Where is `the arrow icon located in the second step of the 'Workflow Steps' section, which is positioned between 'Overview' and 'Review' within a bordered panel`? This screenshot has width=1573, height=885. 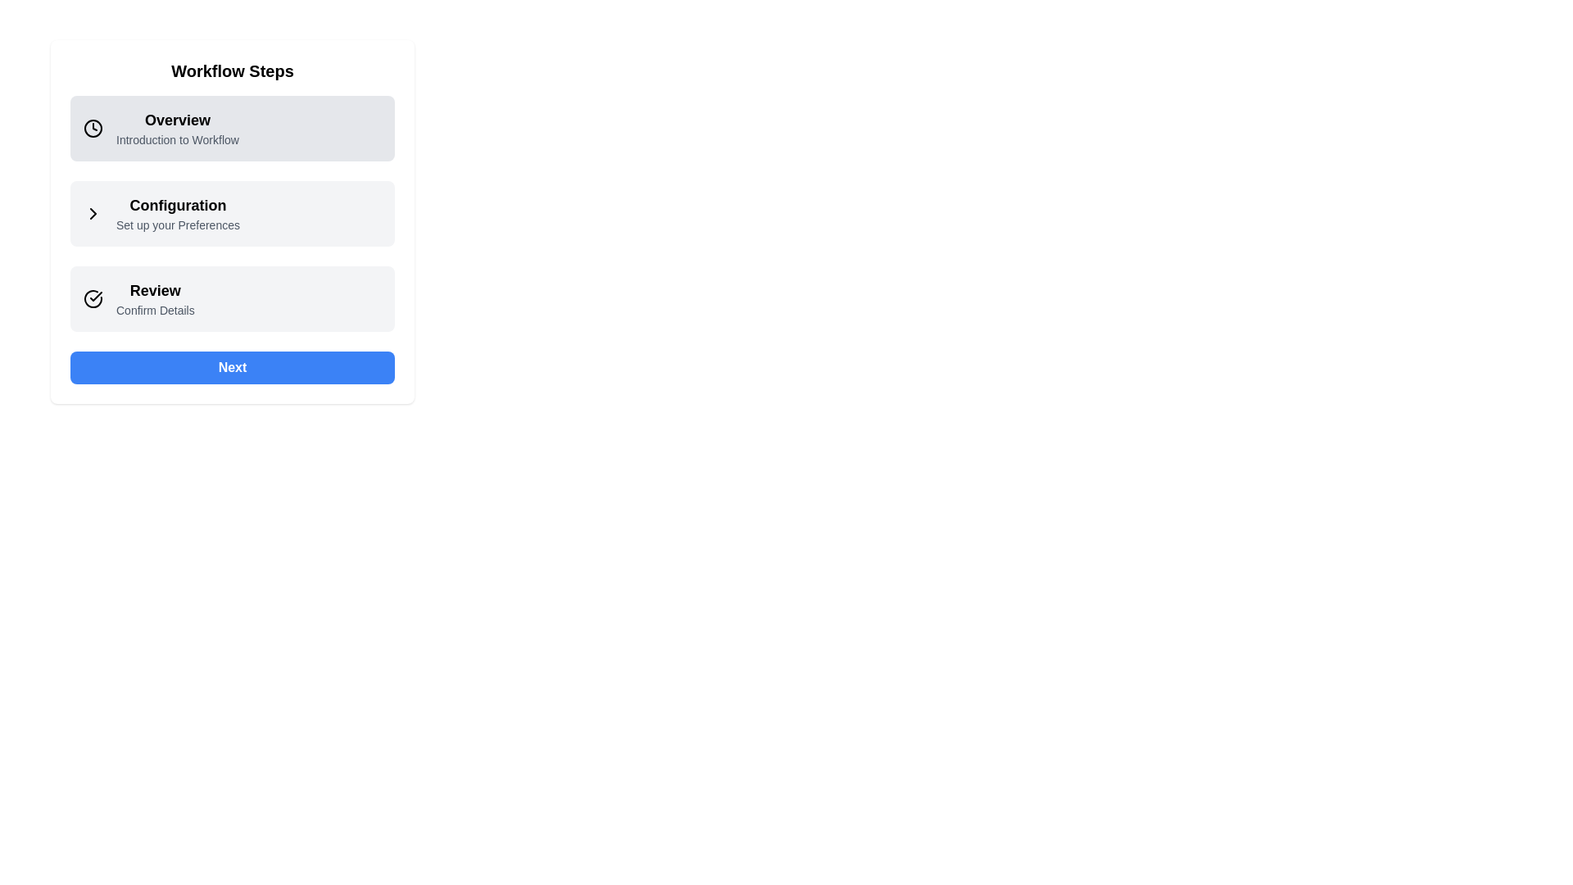 the arrow icon located in the second step of the 'Workflow Steps' section, which is positioned between 'Overview' and 'Review' within a bordered panel is located at coordinates (231, 213).